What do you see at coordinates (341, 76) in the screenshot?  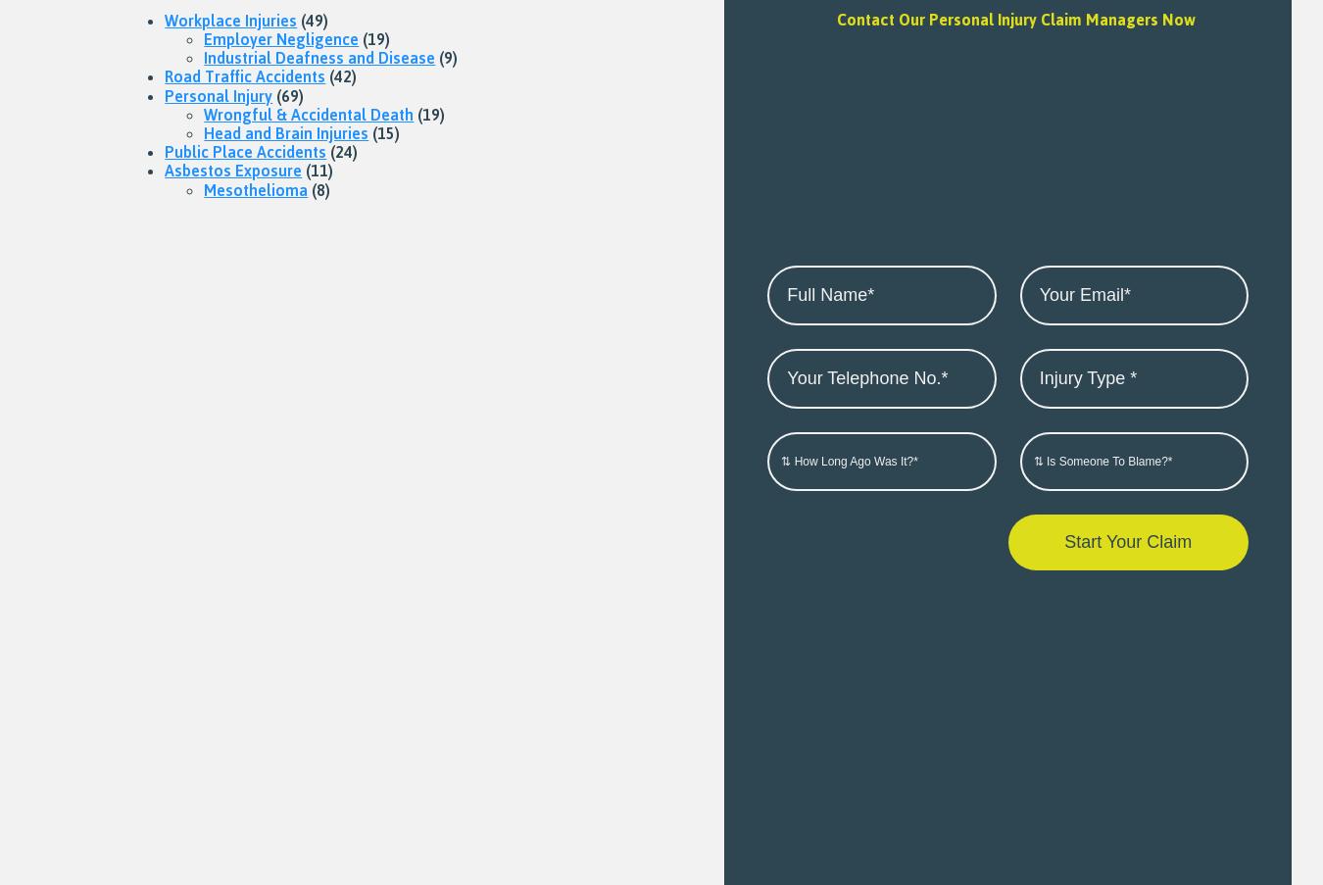 I see `'(42)'` at bounding box center [341, 76].